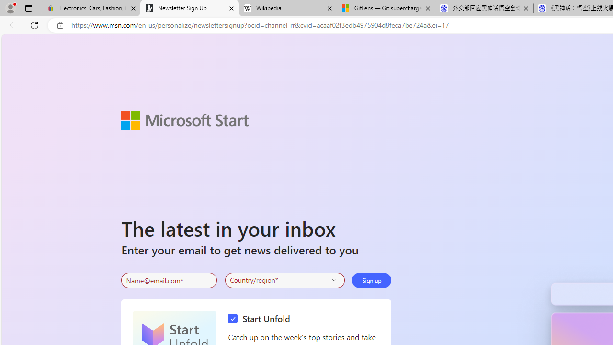 The height and width of the screenshot is (345, 613). What do you see at coordinates (60, 25) in the screenshot?
I see `'View site information'` at bounding box center [60, 25].